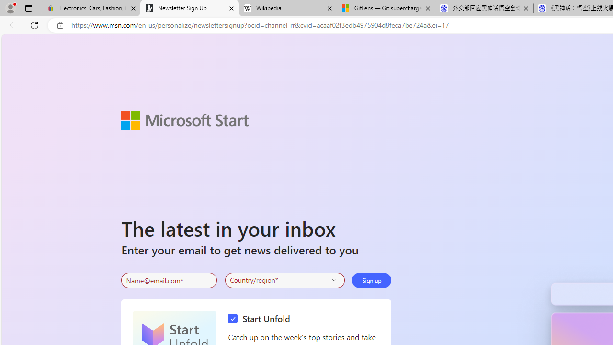 The height and width of the screenshot is (345, 613). What do you see at coordinates (60, 25) in the screenshot?
I see `'View site information'` at bounding box center [60, 25].